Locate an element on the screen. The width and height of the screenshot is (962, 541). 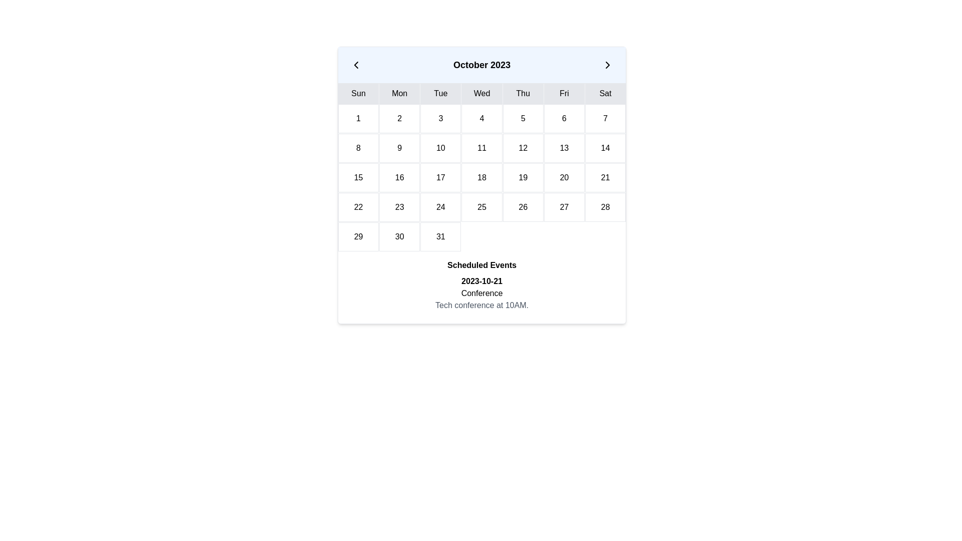
the Textual date block displaying the numeral '16' in the calendar grid is located at coordinates (399, 177).